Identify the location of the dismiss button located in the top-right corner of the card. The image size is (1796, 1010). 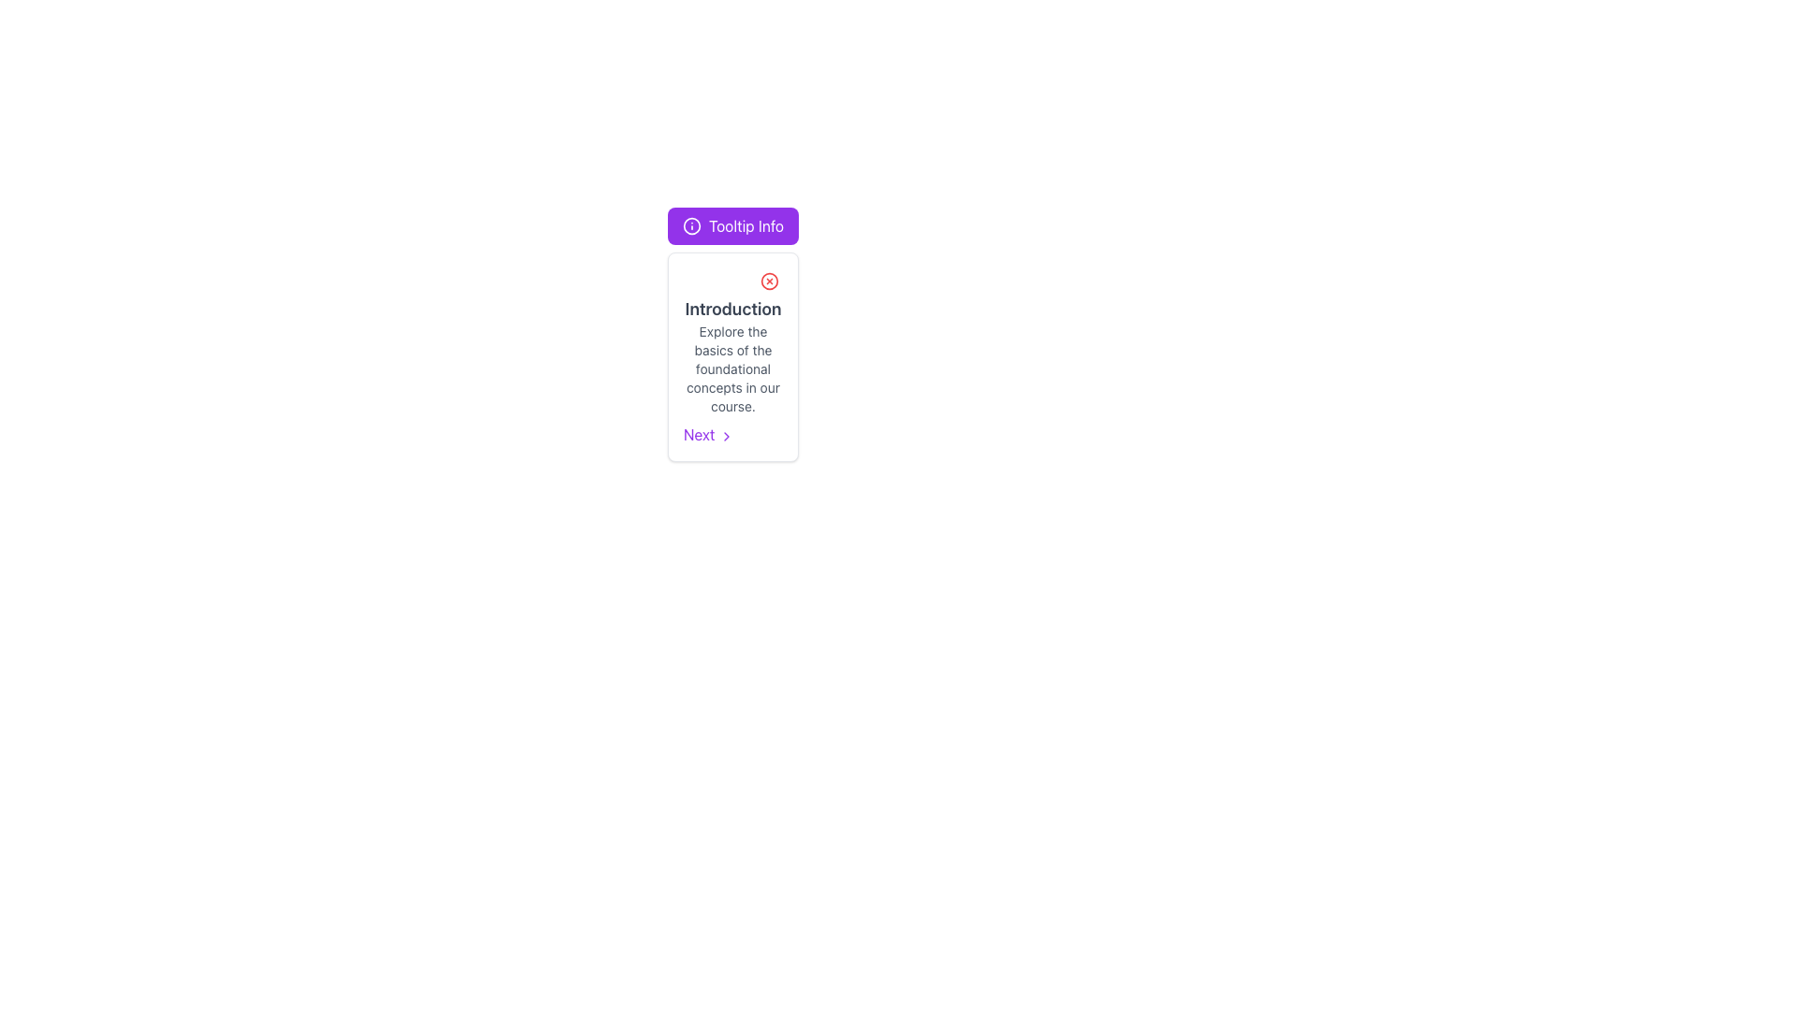
(770, 281).